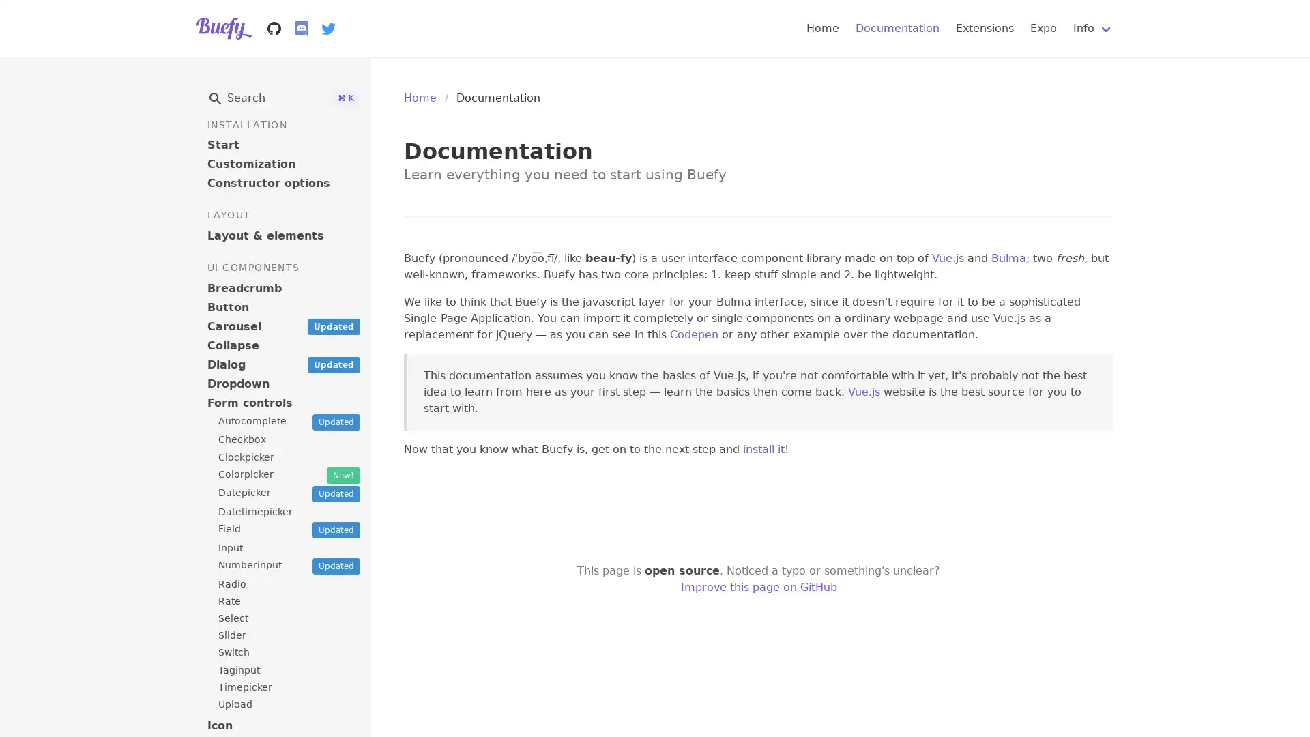 Image resolution: width=1310 pixels, height=737 pixels. Describe the element at coordinates (283, 97) in the screenshot. I see `Search` at that location.